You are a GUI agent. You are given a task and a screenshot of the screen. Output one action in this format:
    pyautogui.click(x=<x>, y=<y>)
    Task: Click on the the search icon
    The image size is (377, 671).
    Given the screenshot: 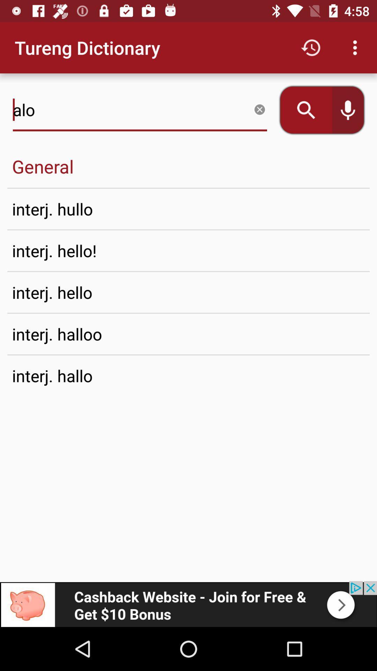 What is the action you would take?
    pyautogui.click(x=301, y=110)
    